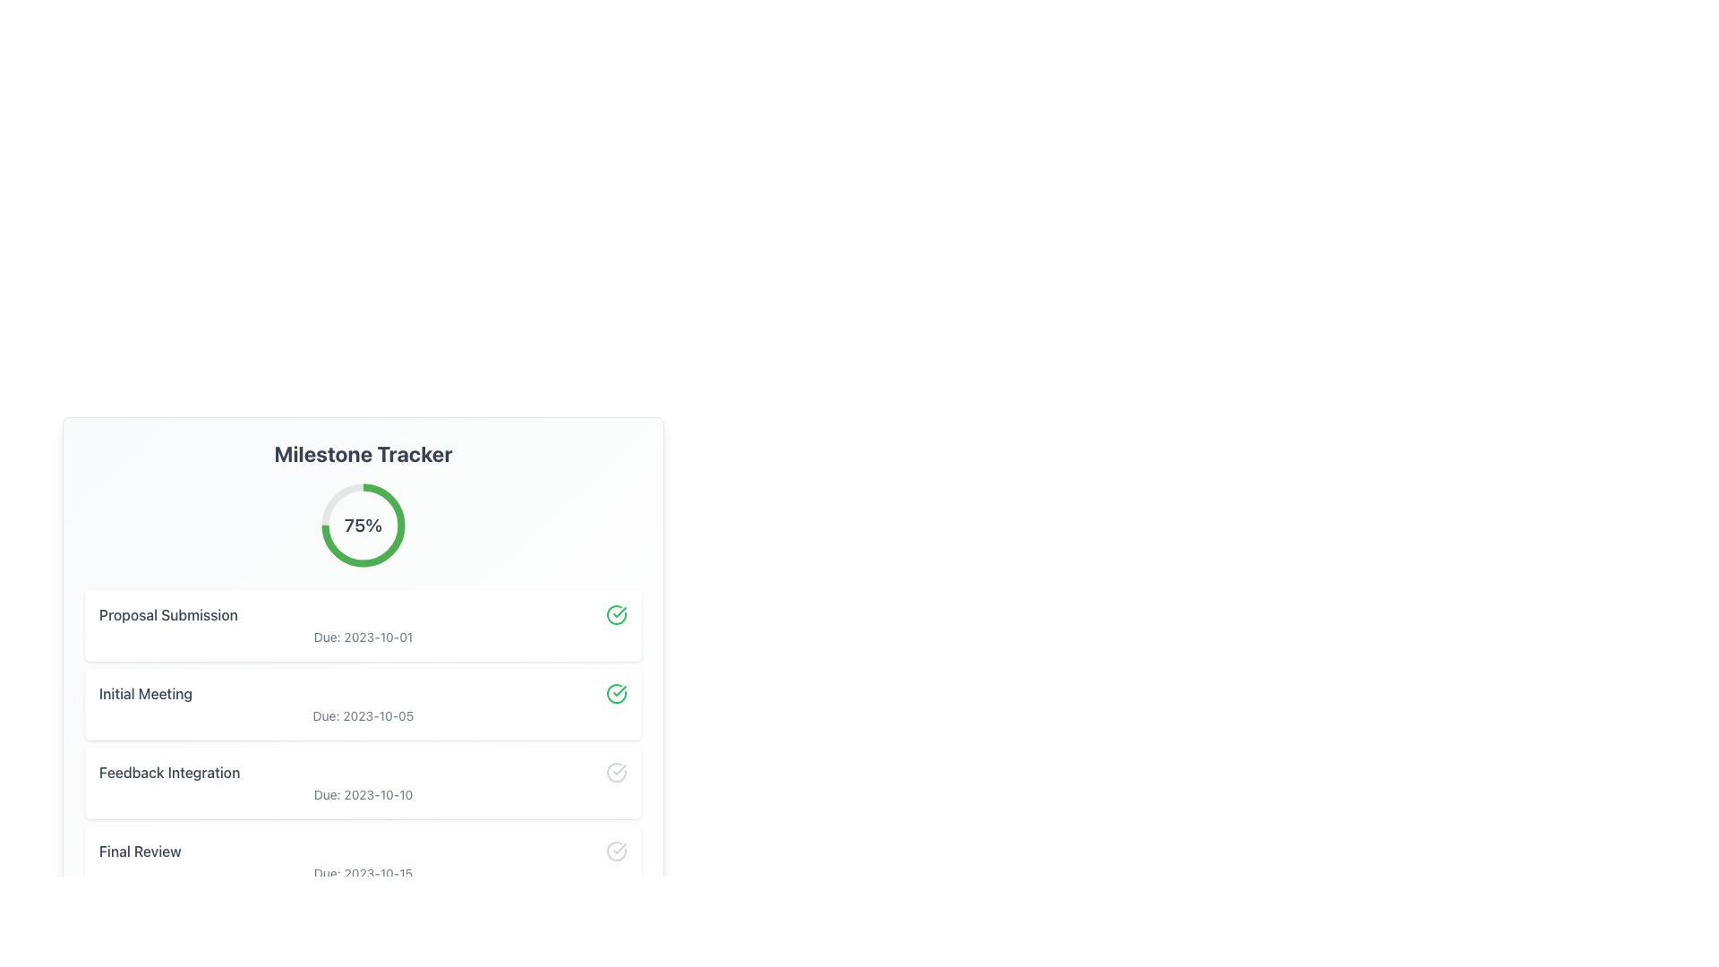 Image resolution: width=1719 pixels, height=967 pixels. I want to click on the fourth task item named 'Final Review' in the Milestone Tracker, located at the bottom of the list, following 'Proposal Submission', 'Initial Meeting', and 'Feedback Integration', so click(363, 861).